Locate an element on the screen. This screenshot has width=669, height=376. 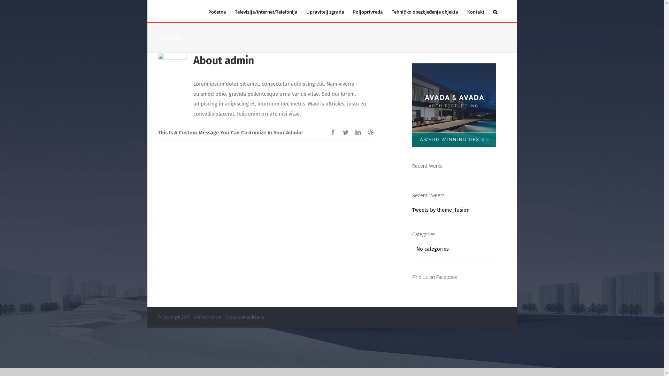
'Tweets by theme_fusion' is located at coordinates (412, 209).